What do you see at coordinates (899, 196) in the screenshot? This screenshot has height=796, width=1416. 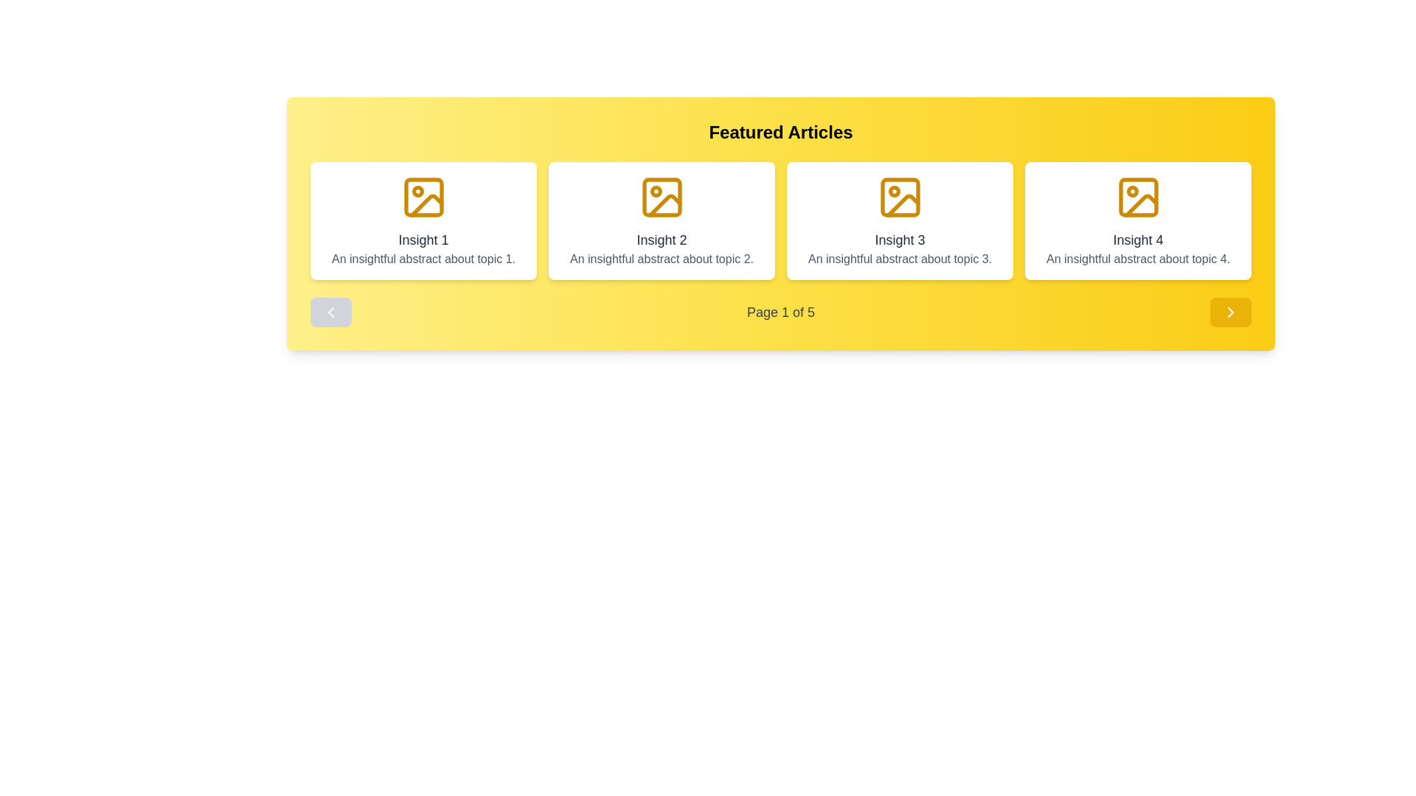 I see `the prominent yellow icon located in the third card titled 'Insight 3' within the horizontally aligned set of visual panels` at bounding box center [899, 196].